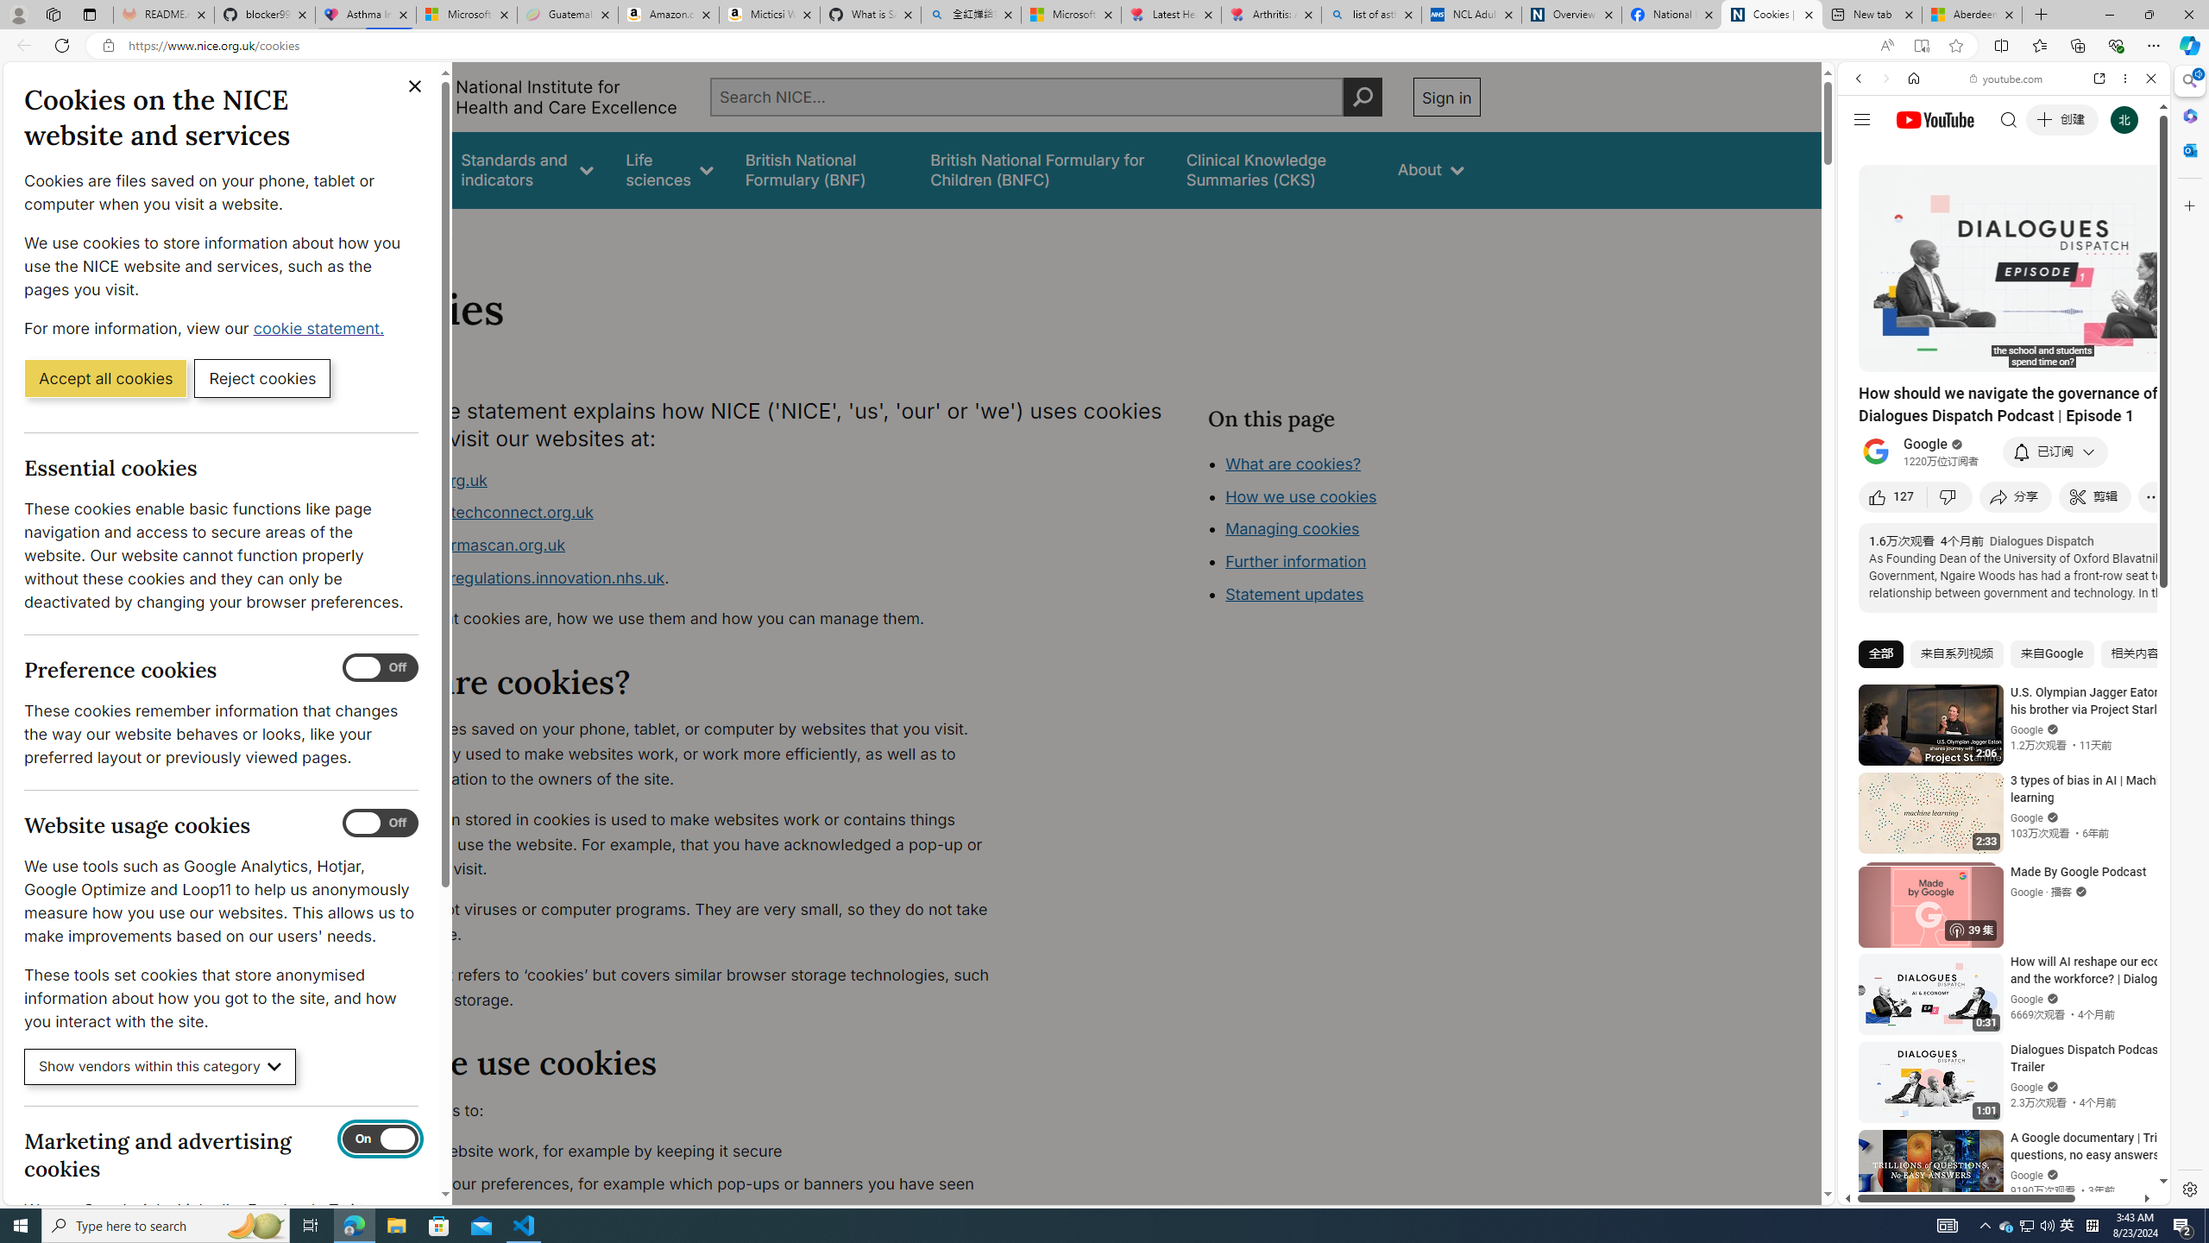 The width and height of the screenshot is (2209, 1243). What do you see at coordinates (380, 823) in the screenshot?
I see `'Website usage cookies'` at bounding box center [380, 823].